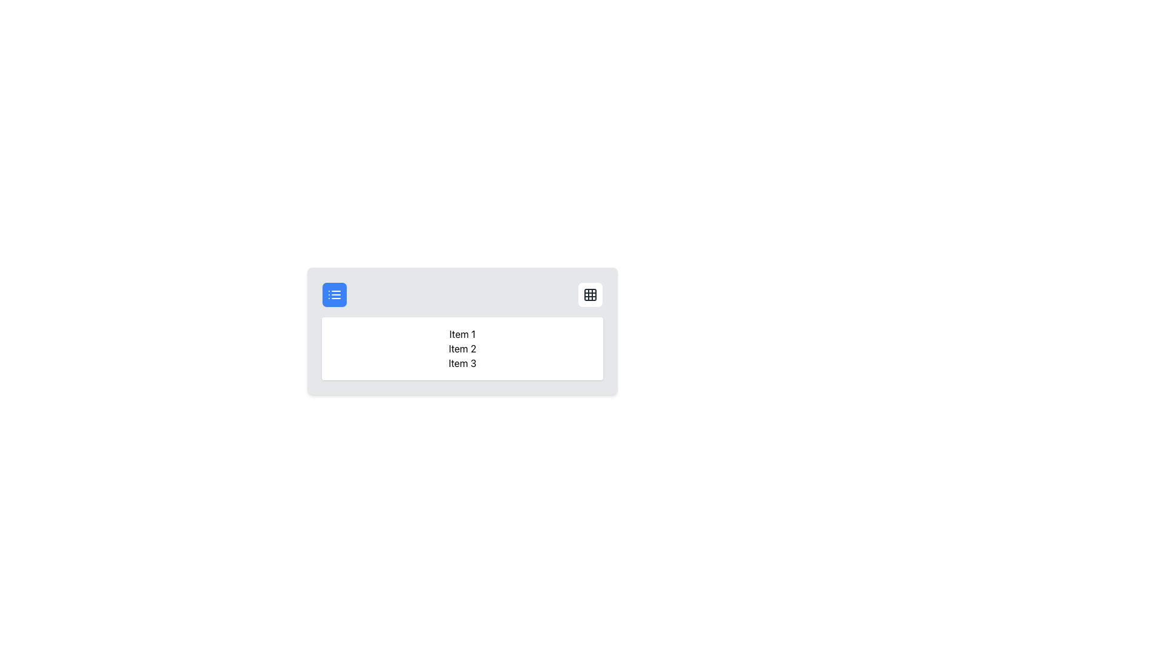  I want to click on the rectangular button with a grid icon in its center, so click(590, 294).